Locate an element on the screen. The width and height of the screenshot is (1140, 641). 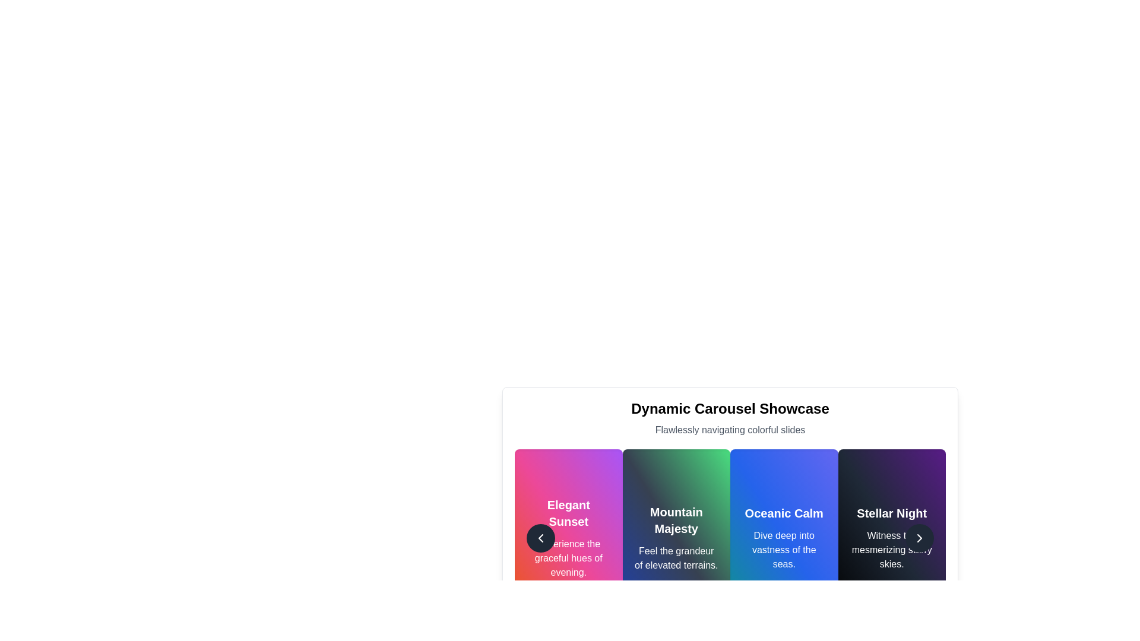
the Informational widget card titled 'Stellar Night' which features a gradient background and white text, positioned as the fourth card in a carousel is located at coordinates (892, 538).